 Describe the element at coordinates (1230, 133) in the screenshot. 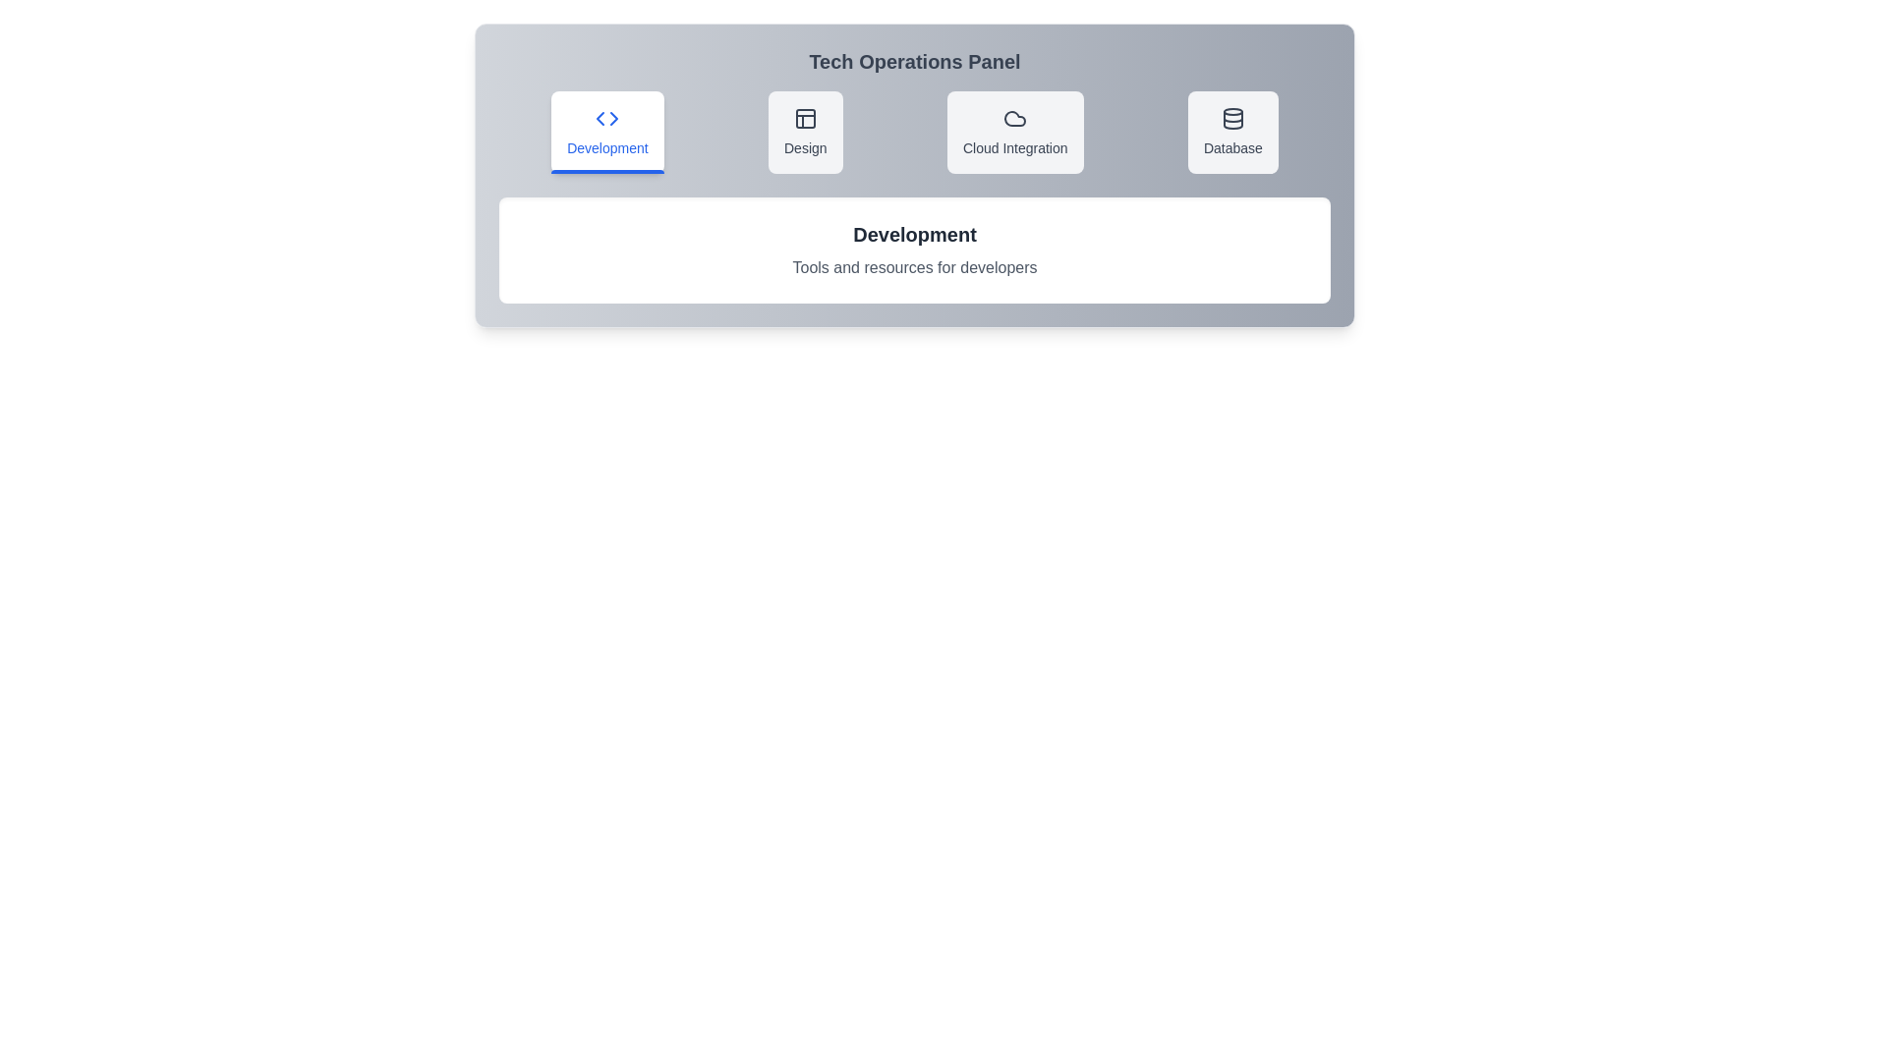

I see `the tab labeled Database to view its content` at that location.